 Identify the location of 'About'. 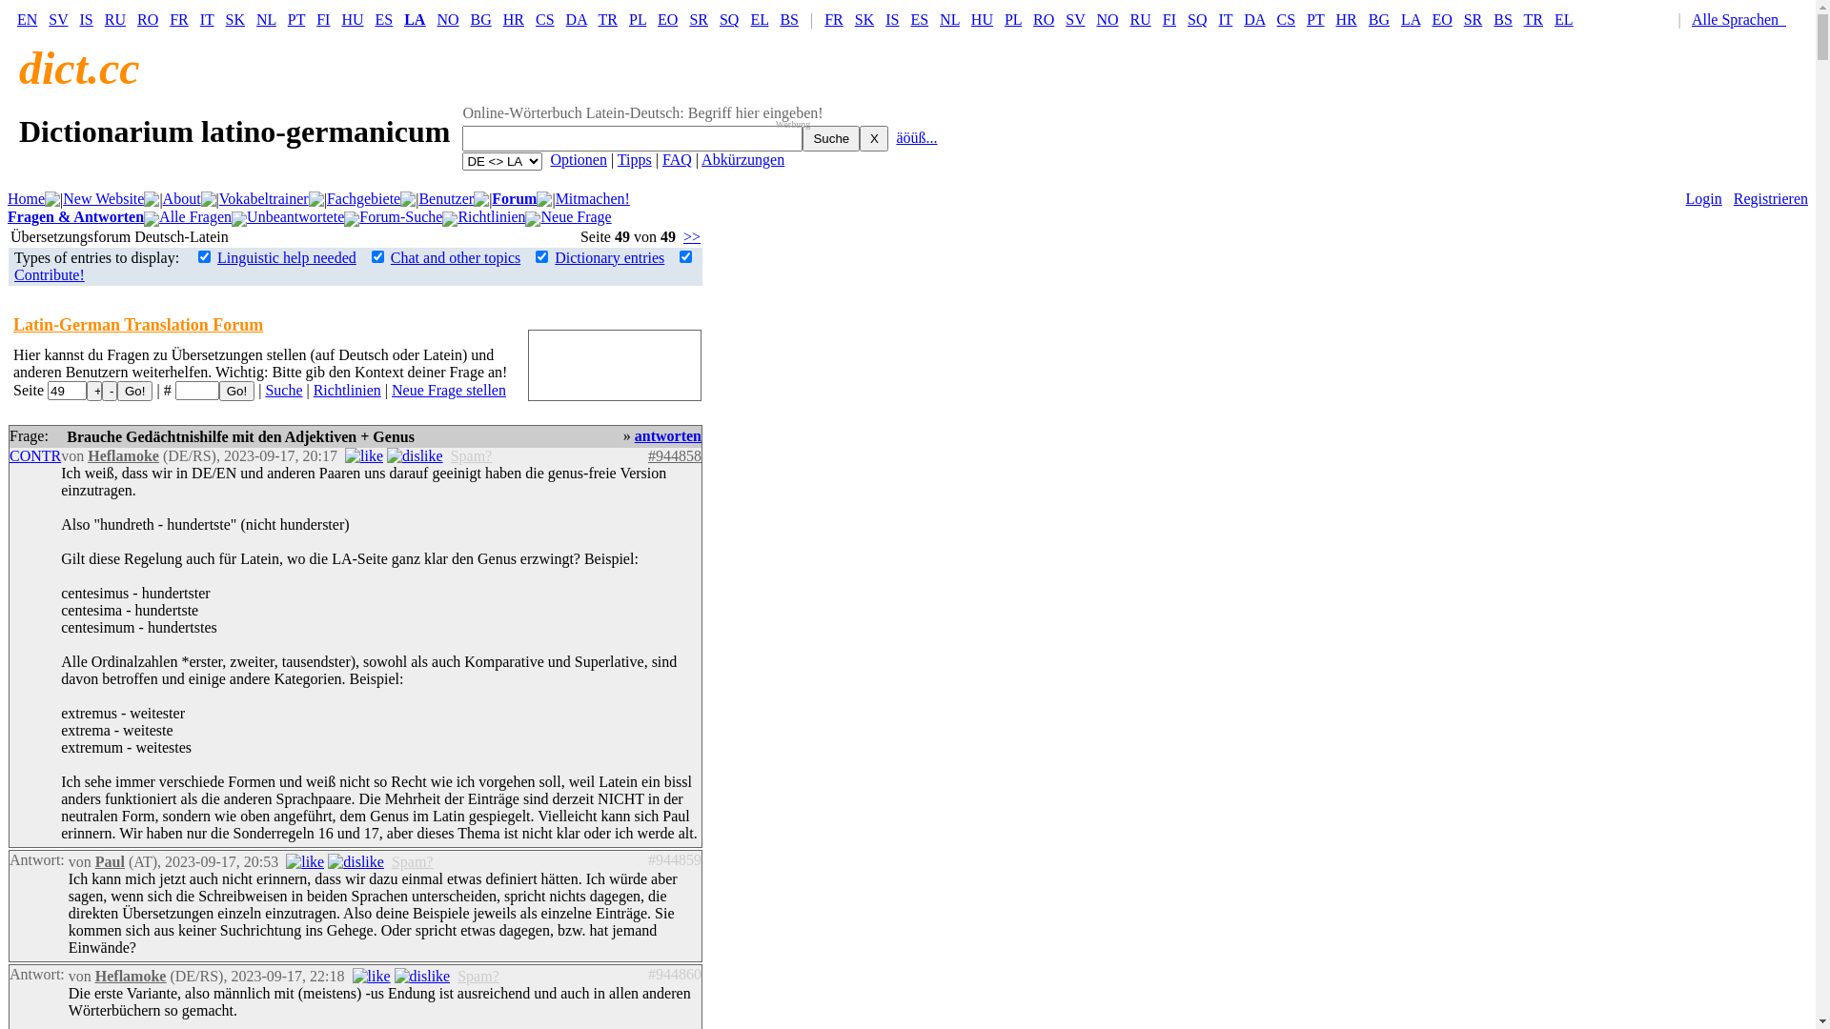
(182, 198).